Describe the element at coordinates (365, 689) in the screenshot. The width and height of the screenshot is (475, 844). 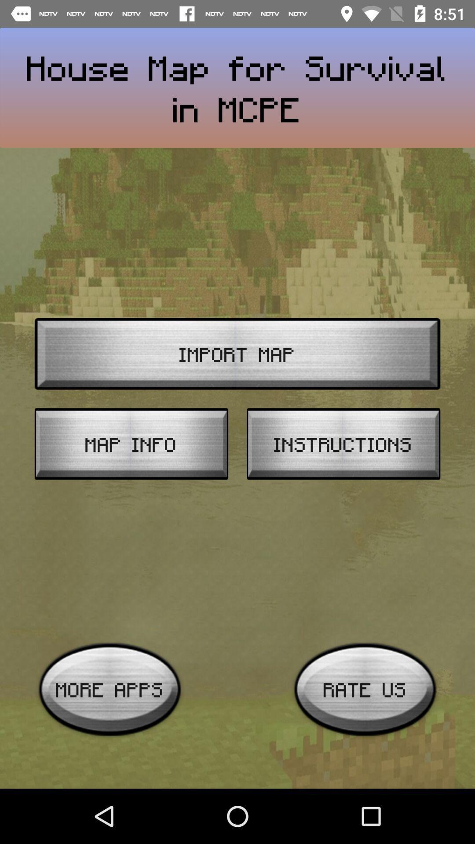
I see `the item at the bottom right corner` at that location.